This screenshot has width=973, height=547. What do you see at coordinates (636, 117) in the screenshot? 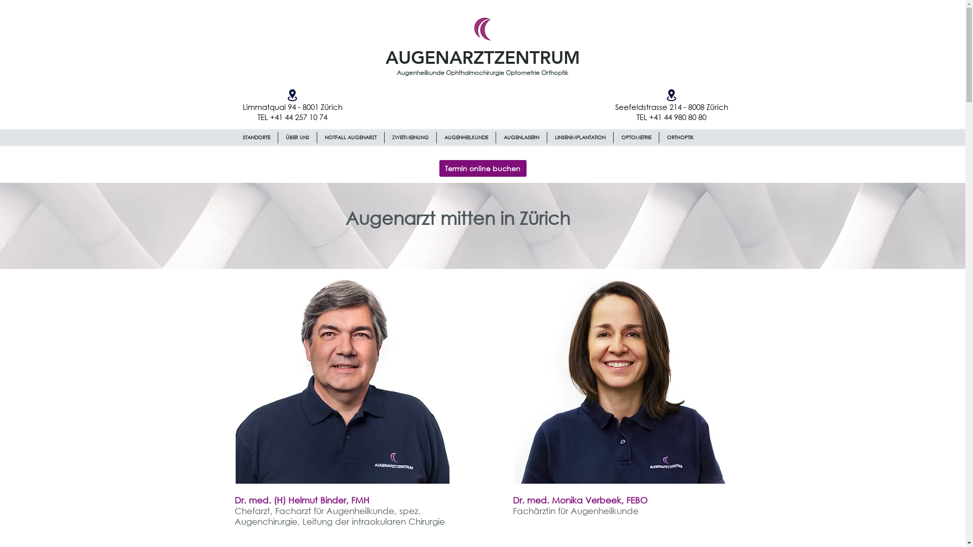
I see `'TEL +41 44 980 80 80'` at bounding box center [636, 117].